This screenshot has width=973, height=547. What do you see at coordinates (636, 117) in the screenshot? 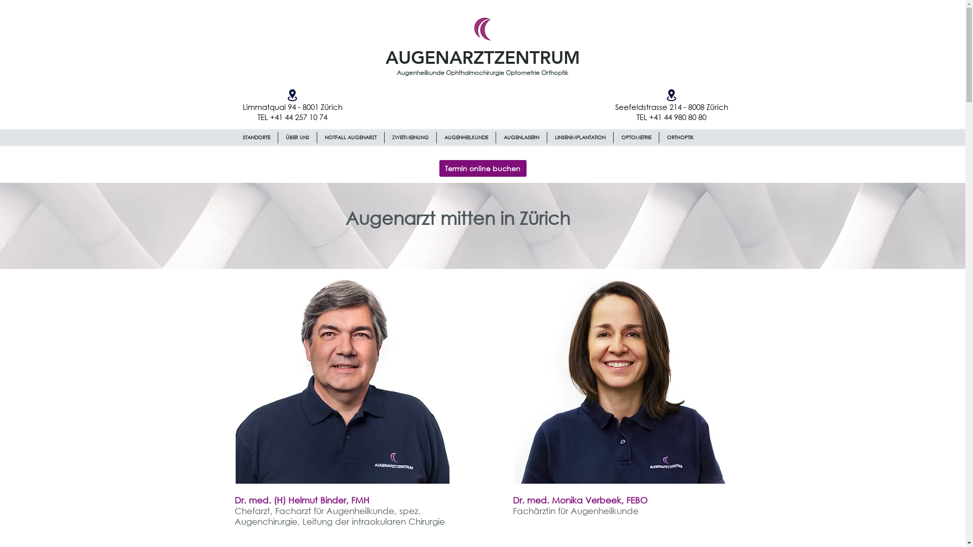
I see `'TEL +41 44 980 80 80'` at bounding box center [636, 117].